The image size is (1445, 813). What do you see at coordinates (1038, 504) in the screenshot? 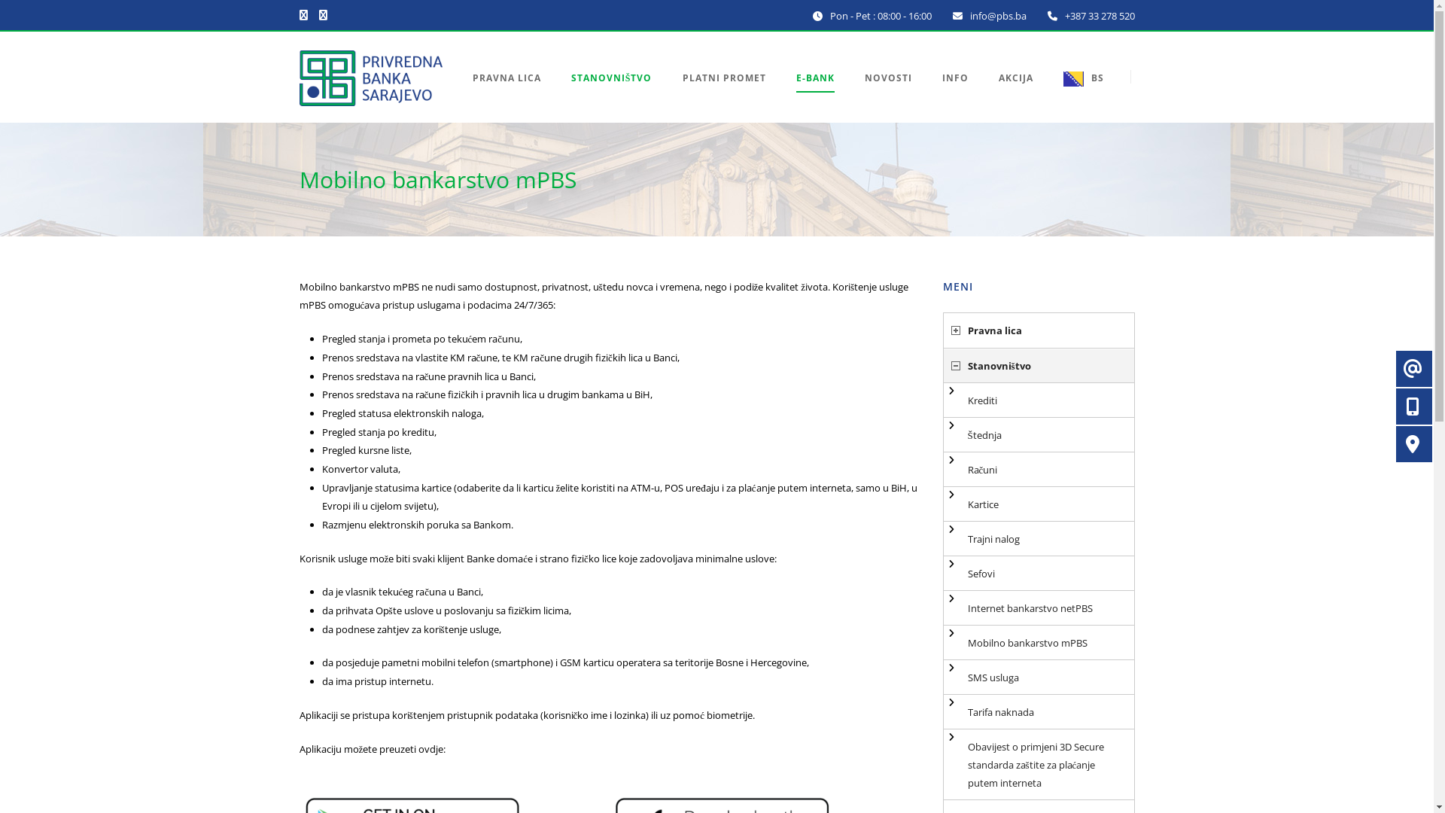
I see `'Kartice'` at bounding box center [1038, 504].